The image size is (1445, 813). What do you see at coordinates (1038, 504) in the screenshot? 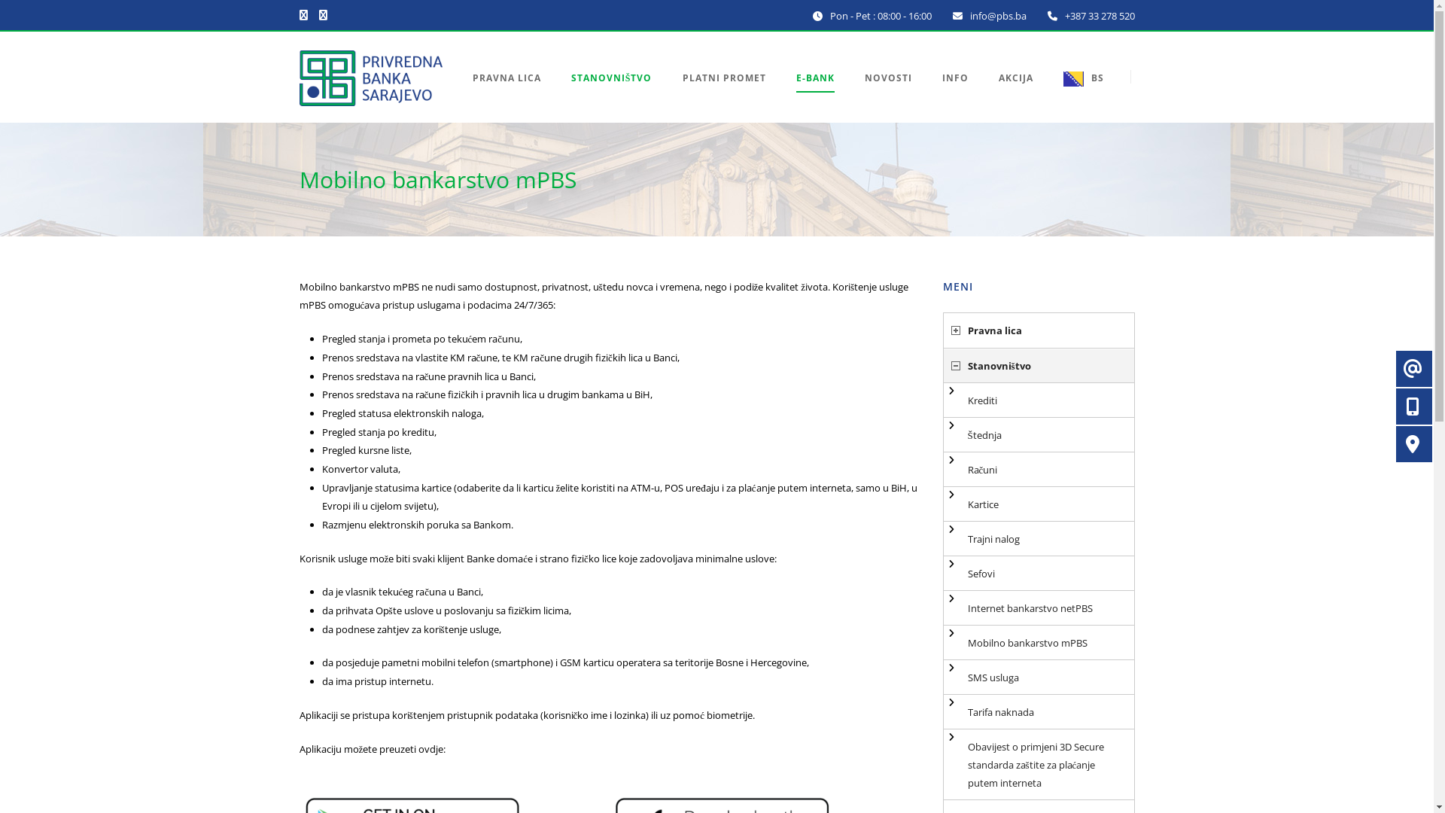
I see `'Kartice'` at bounding box center [1038, 504].